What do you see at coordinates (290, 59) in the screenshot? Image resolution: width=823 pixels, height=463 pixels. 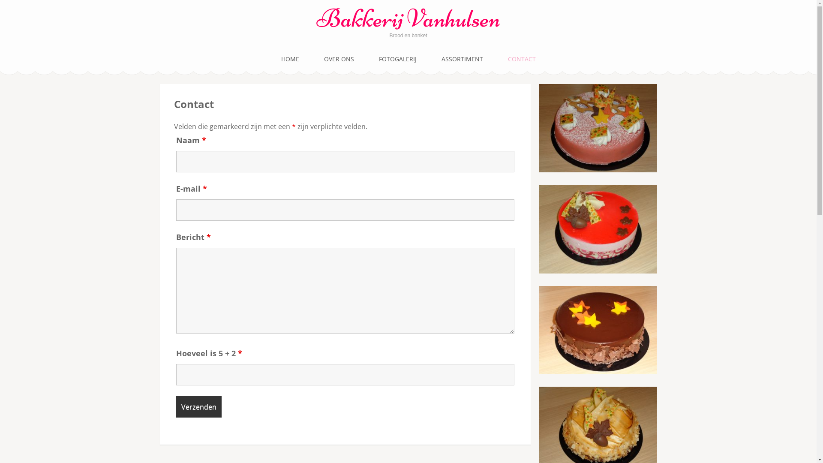 I see `'HOME'` at bounding box center [290, 59].